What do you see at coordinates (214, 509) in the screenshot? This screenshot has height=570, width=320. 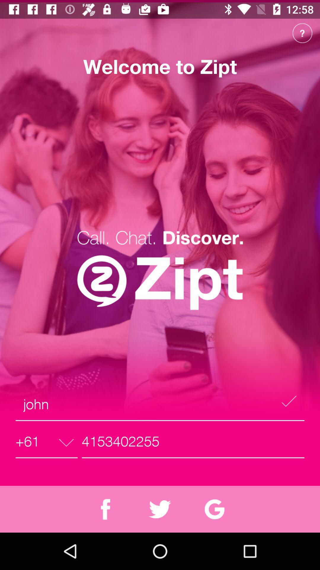 I see `the refresh icon` at bounding box center [214, 509].